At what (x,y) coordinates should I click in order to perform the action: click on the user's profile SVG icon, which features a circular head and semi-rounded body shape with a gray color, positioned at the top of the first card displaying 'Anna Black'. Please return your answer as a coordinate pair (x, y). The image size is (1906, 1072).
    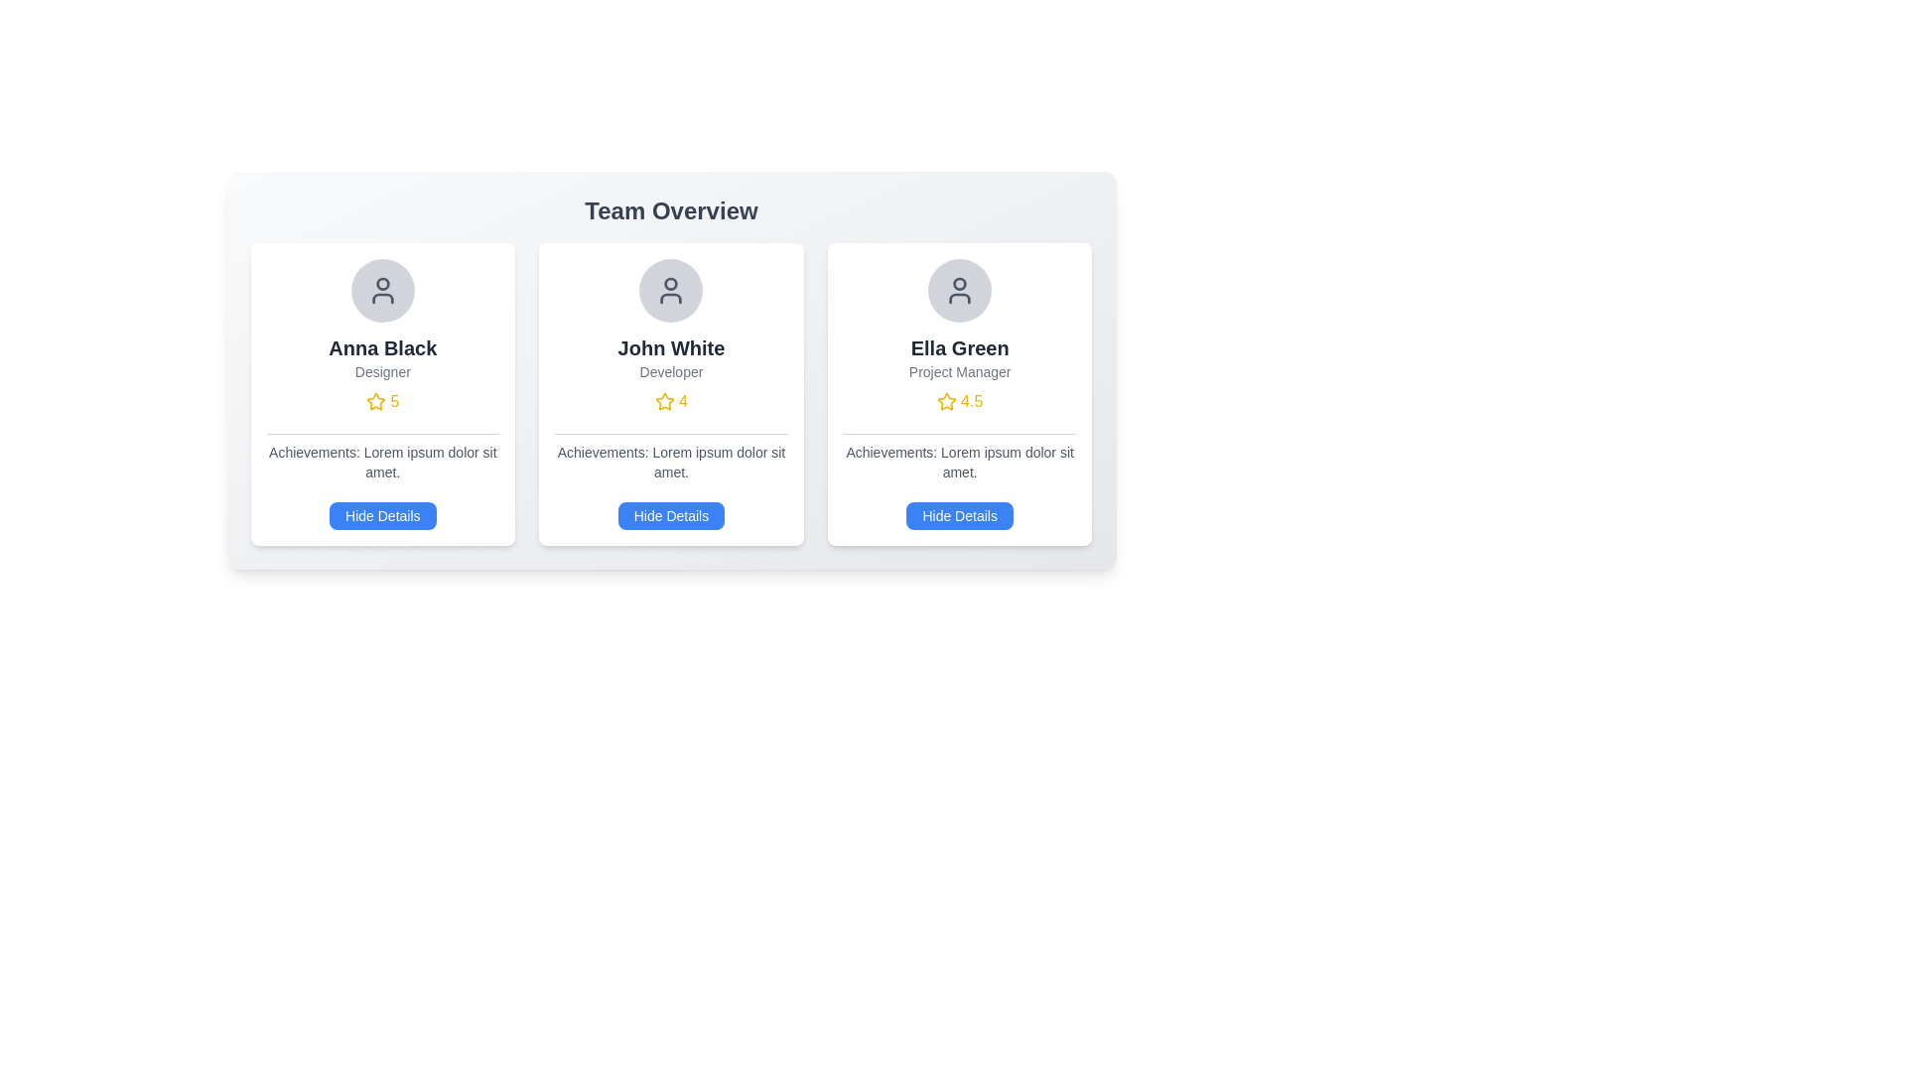
    Looking at the image, I should click on (382, 291).